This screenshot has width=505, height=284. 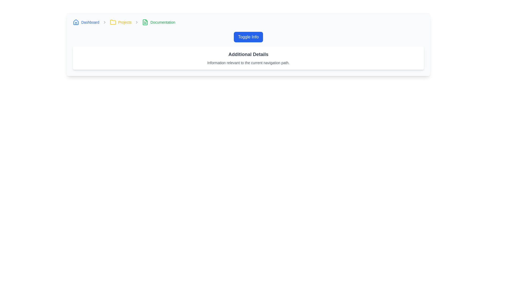 What do you see at coordinates (113, 22) in the screenshot?
I see `the 'Projects' icon in the breadcrumb navigation bar, which is positioned directly to the left of the clickable text 'Projects'` at bounding box center [113, 22].